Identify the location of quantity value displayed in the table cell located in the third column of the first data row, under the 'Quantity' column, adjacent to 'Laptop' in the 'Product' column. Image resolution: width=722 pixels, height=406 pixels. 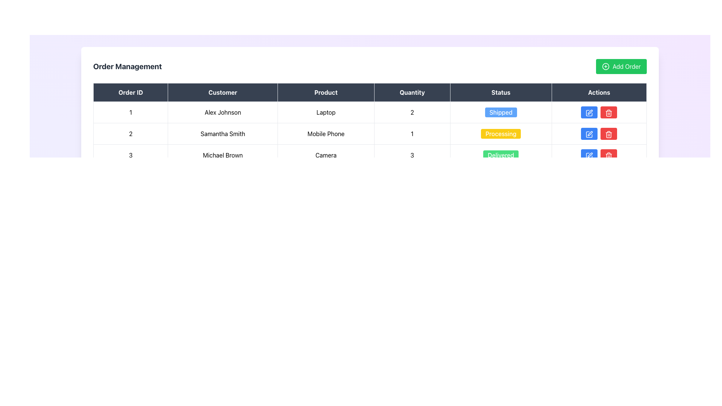
(412, 112).